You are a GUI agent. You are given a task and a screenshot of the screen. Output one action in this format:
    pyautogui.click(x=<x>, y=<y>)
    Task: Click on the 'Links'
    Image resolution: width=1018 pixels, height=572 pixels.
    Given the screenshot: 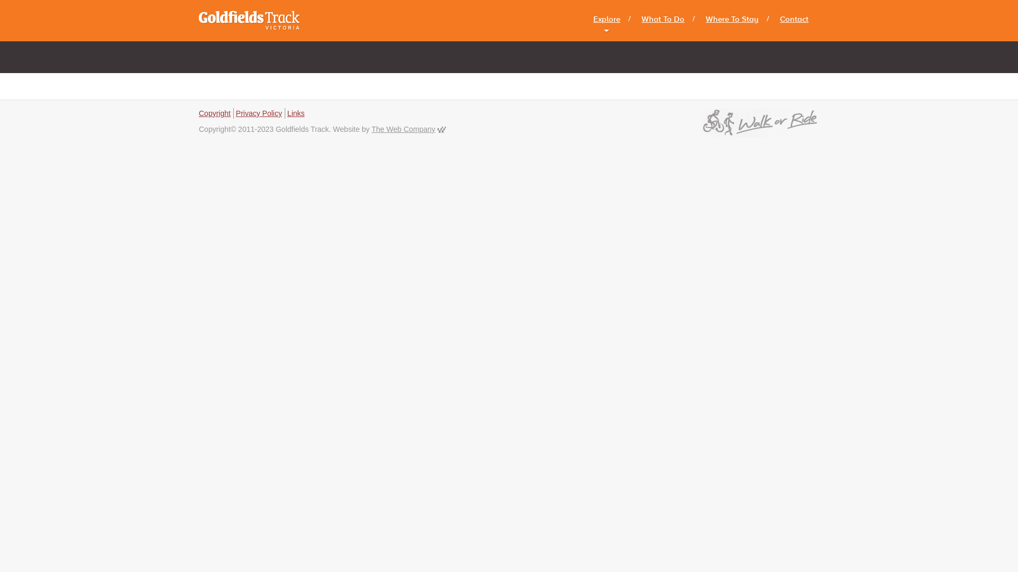 What is the action you would take?
    pyautogui.click(x=296, y=113)
    